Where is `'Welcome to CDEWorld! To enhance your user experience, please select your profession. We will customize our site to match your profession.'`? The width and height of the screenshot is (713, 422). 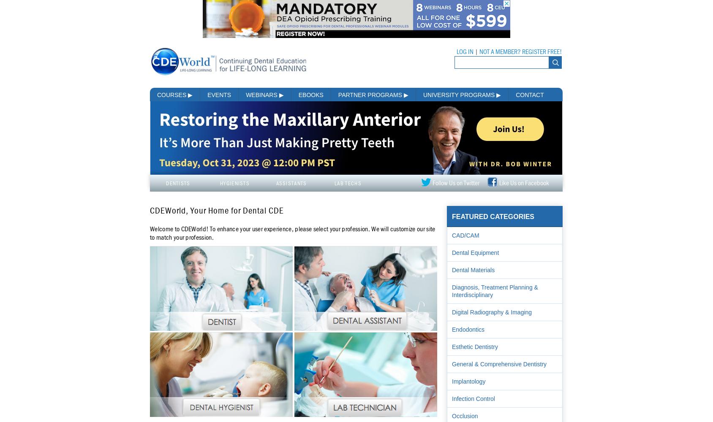 'Welcome to CDEWorld! To enhance your user experience, please select your profession. We will customize our site to match your profession.' is located at coordinates (292, 233).